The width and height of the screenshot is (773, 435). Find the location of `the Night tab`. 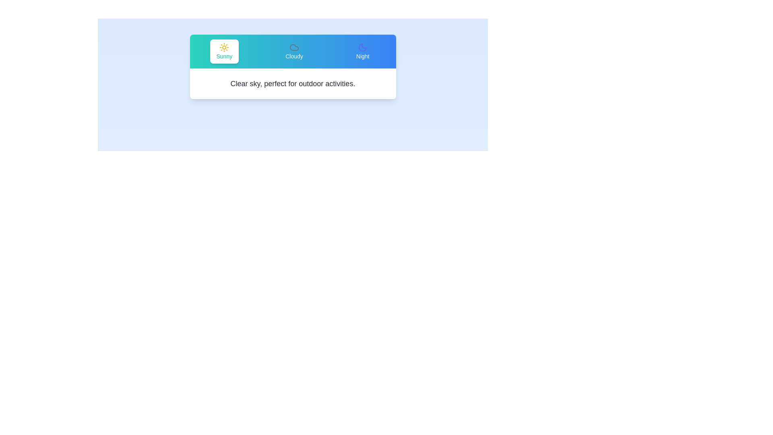

the Night tab is located at coordinates (362, 51).